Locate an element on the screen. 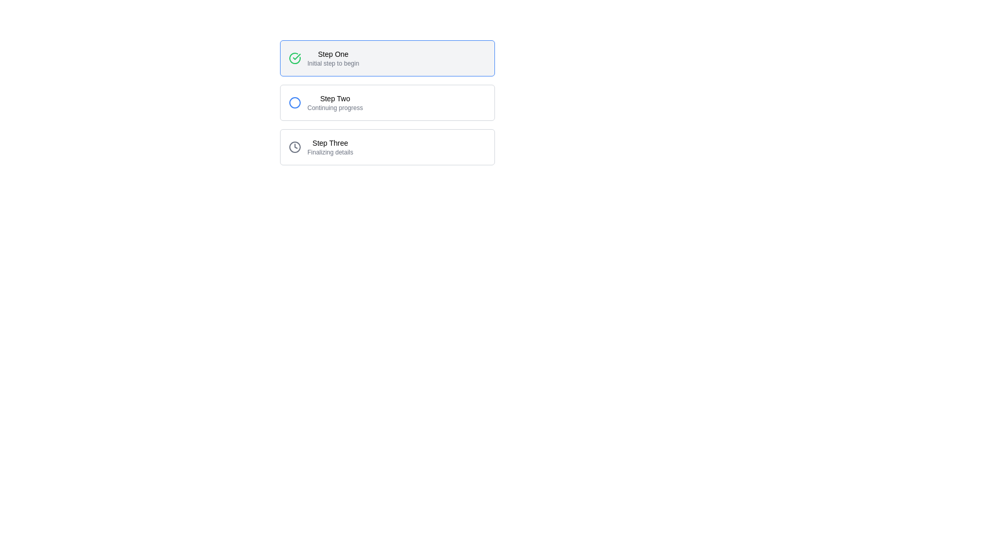 The width and height of the screenshot is (992, 558). the 'Step Two' text label is located at coordinates (335, 103).